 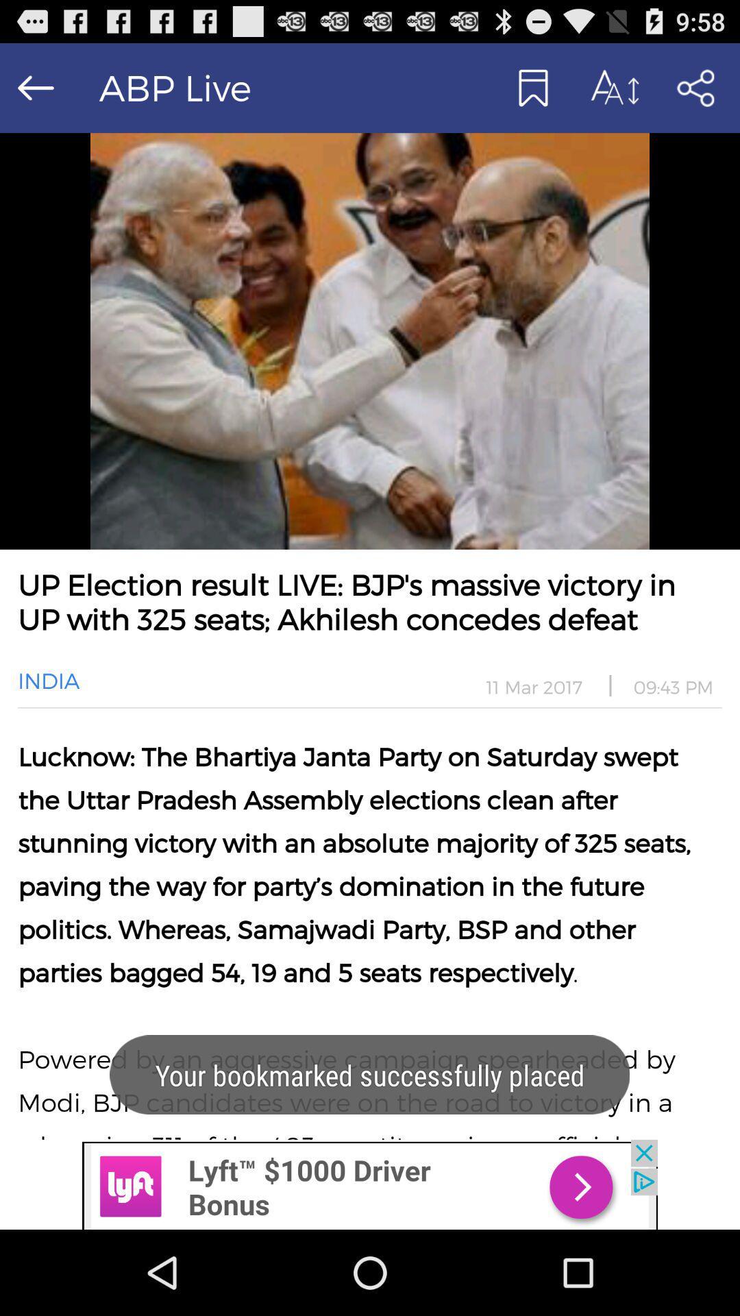 What do you see at coordinates (695, 93) in the screenshot?
I see `the share icon` at bounding box center [695, 93].